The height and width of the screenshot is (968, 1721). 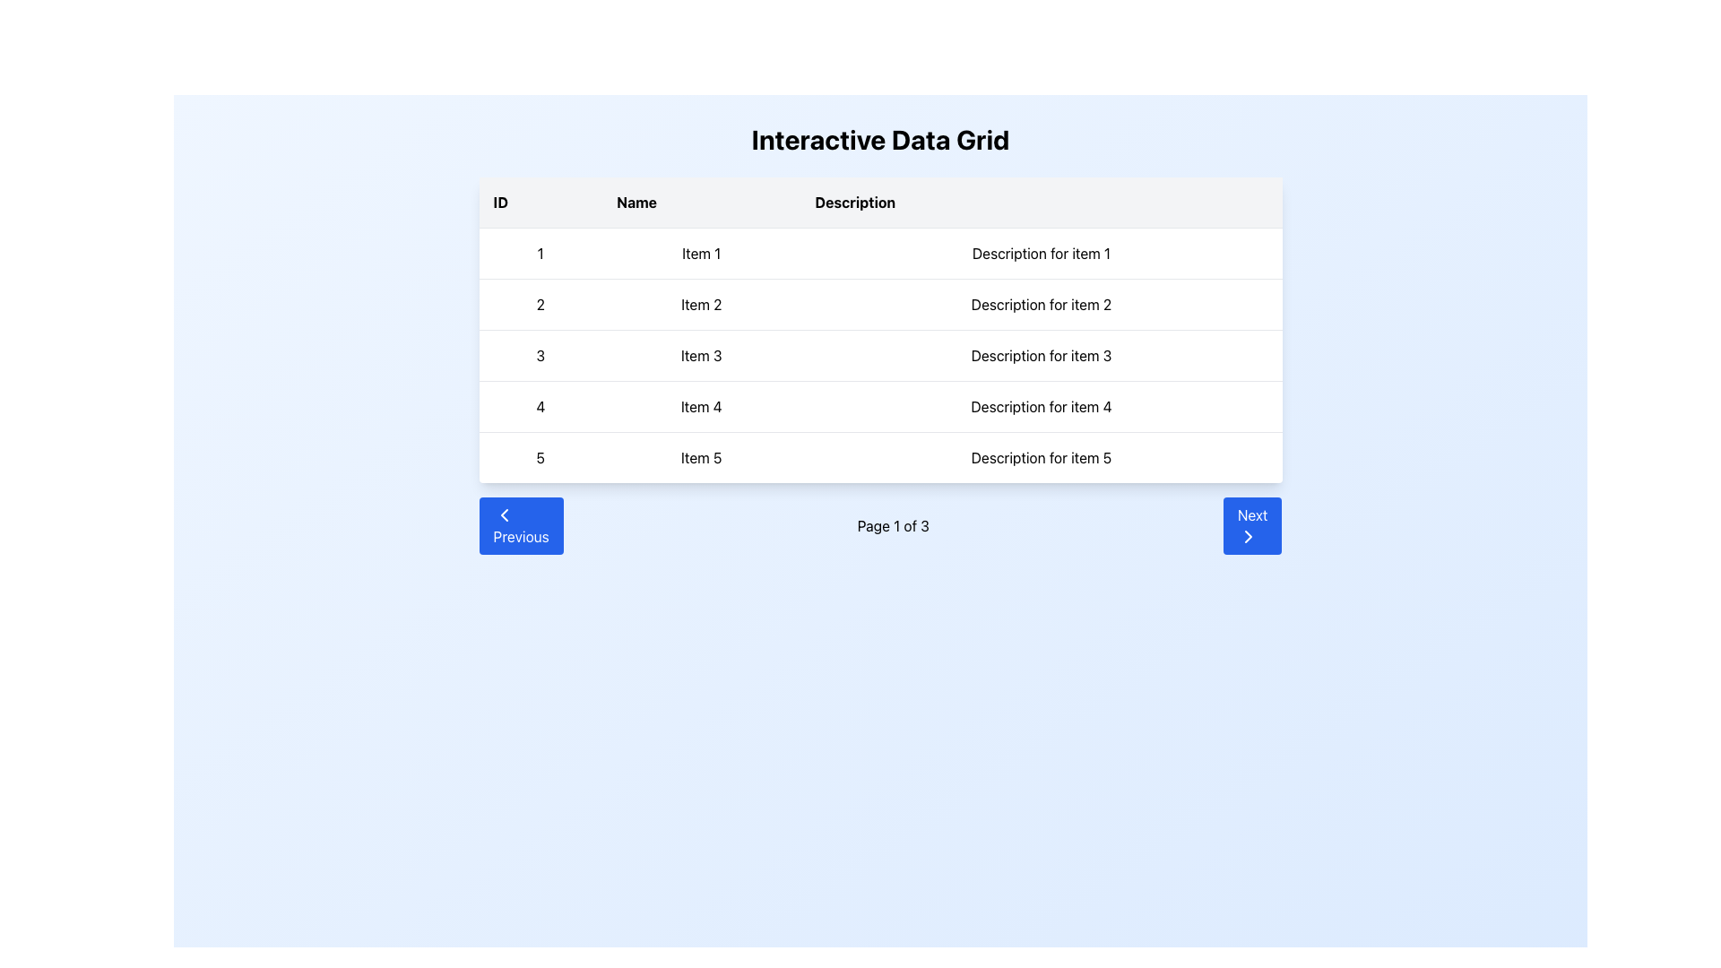 What do you see at coordinates (700, 253) in the screenshot?
I see `text content of the Label located in the first row, second column ('Name') of the grid, which identifies the name associated with the first row entry` at bounding box center [700, 253].